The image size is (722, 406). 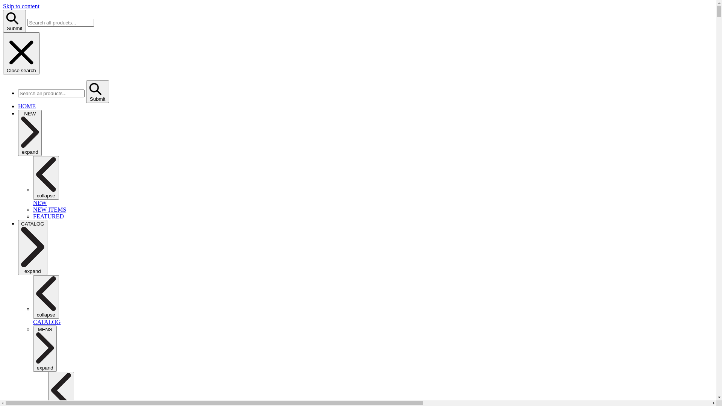 What do you see at coordinates (46, 321) in the screenshot?
I see `'CATALOG'` at bounding box center [46, 321].